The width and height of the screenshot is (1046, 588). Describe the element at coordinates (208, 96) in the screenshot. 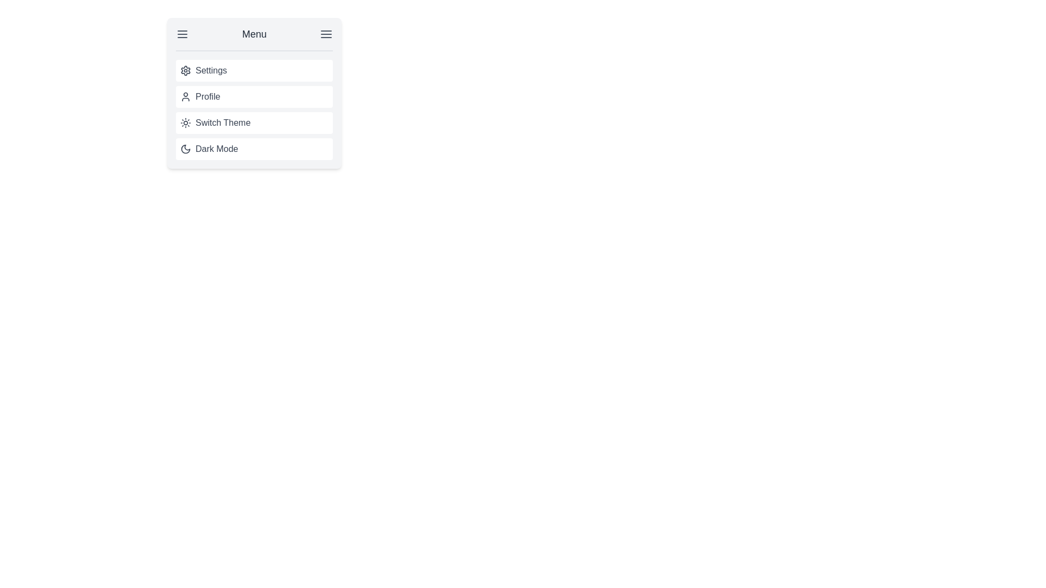

I see `'Profile' text label located under the 'Settings' menu option to understand its purpose` at that location.